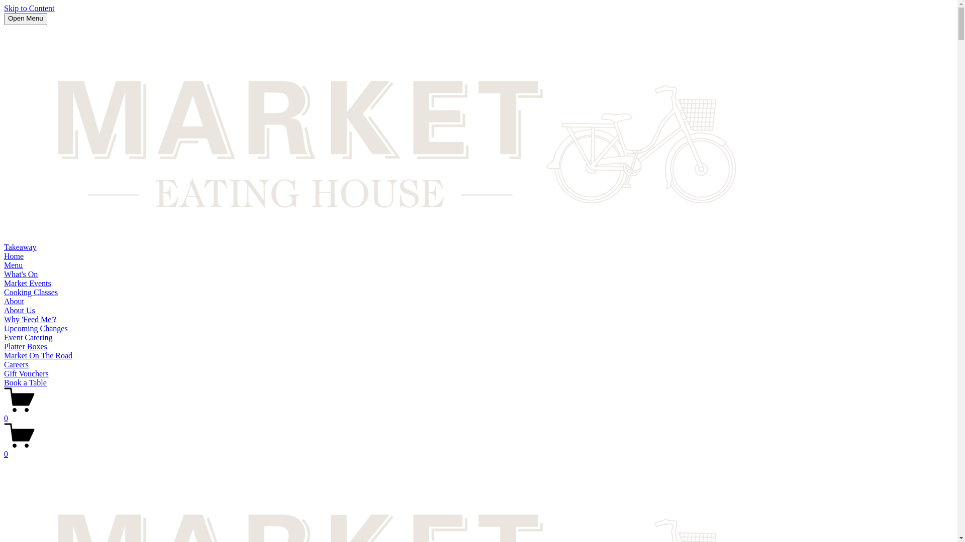 Image resolution: width=965 pixels, height=542 pixels. Describe the element at coordinates (4, 355) in the screenshot. I see `'Market On The Road'` at that location.